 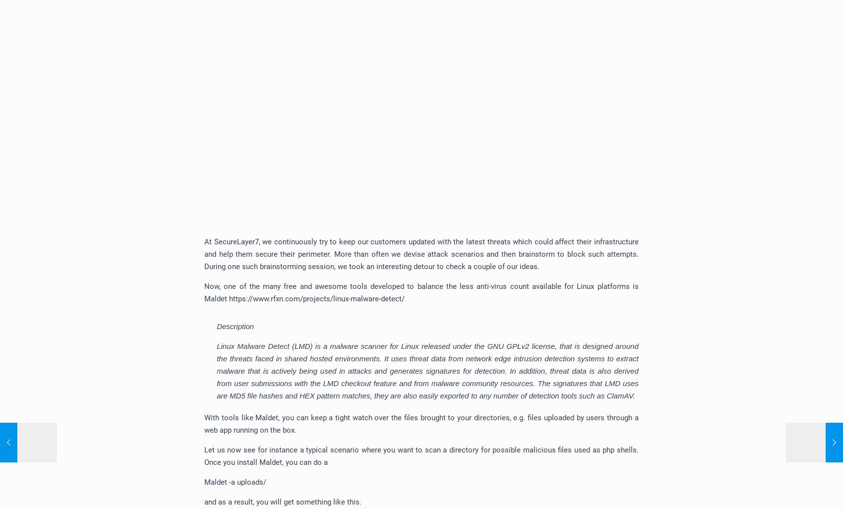 I want to click on '(LMD) is a malware scanner for Linux released under the GNU GPLv2 license, that is designed around the threats faced in shared hosted environments. It uses threat data from network edge intrusion detection systems to extract malware that is actively being used in attacks and generates signatures for detection. In addition, threat data is also derived from user submissions with the LMD checkout feature and from malware community resources. The signatures that LMD uses are MD5 file hashes and HEX pattern matches, they are also easily exported to any number of detection tools such as ClamAV.', so click(x=427, y=370).